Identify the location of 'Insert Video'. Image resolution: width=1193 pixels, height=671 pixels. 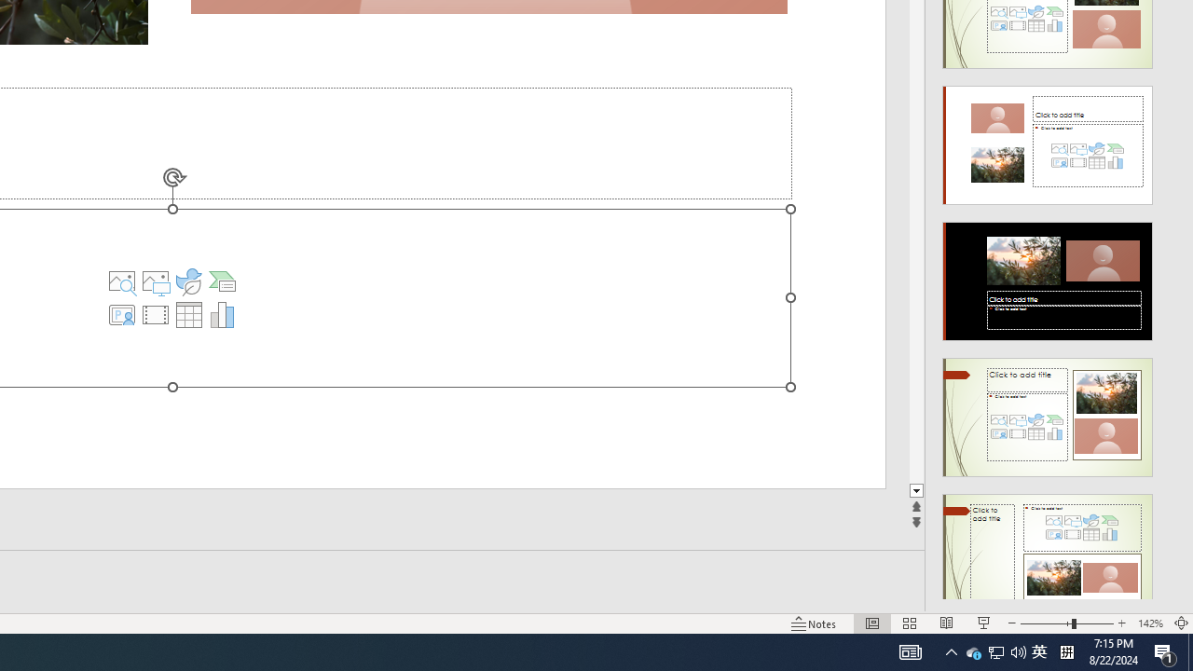
(156, 314).